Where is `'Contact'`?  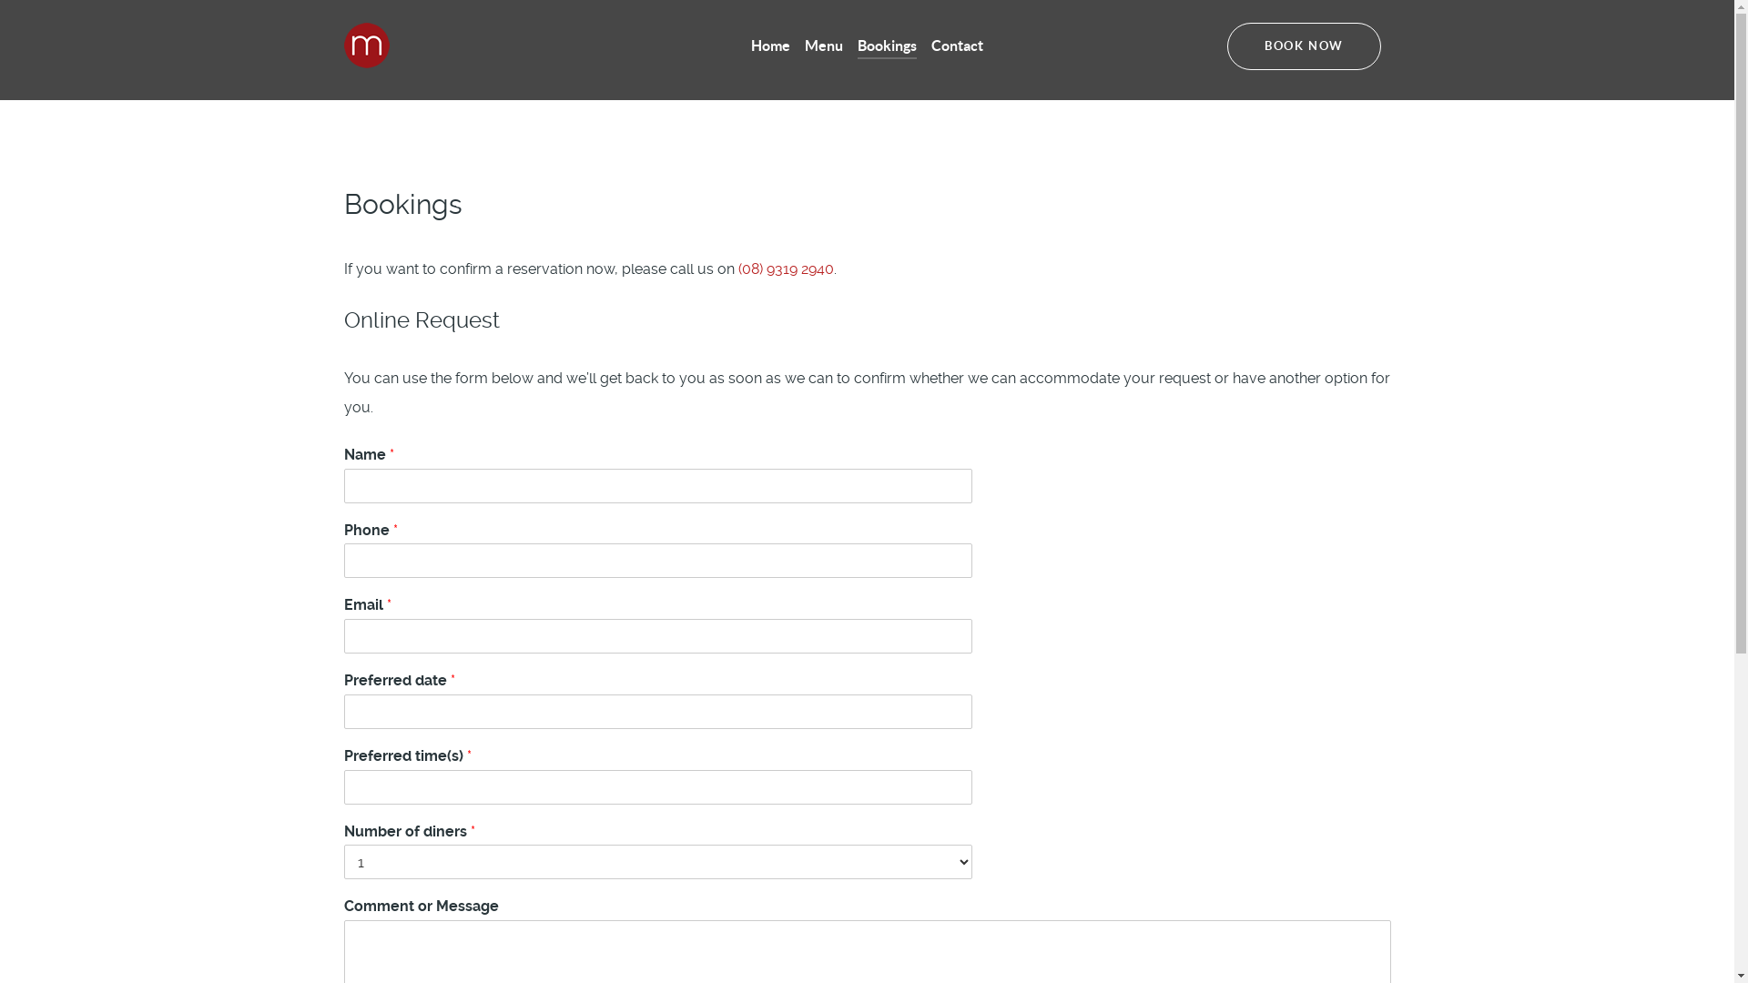 'Contact' is located at coordinates (956, 46).